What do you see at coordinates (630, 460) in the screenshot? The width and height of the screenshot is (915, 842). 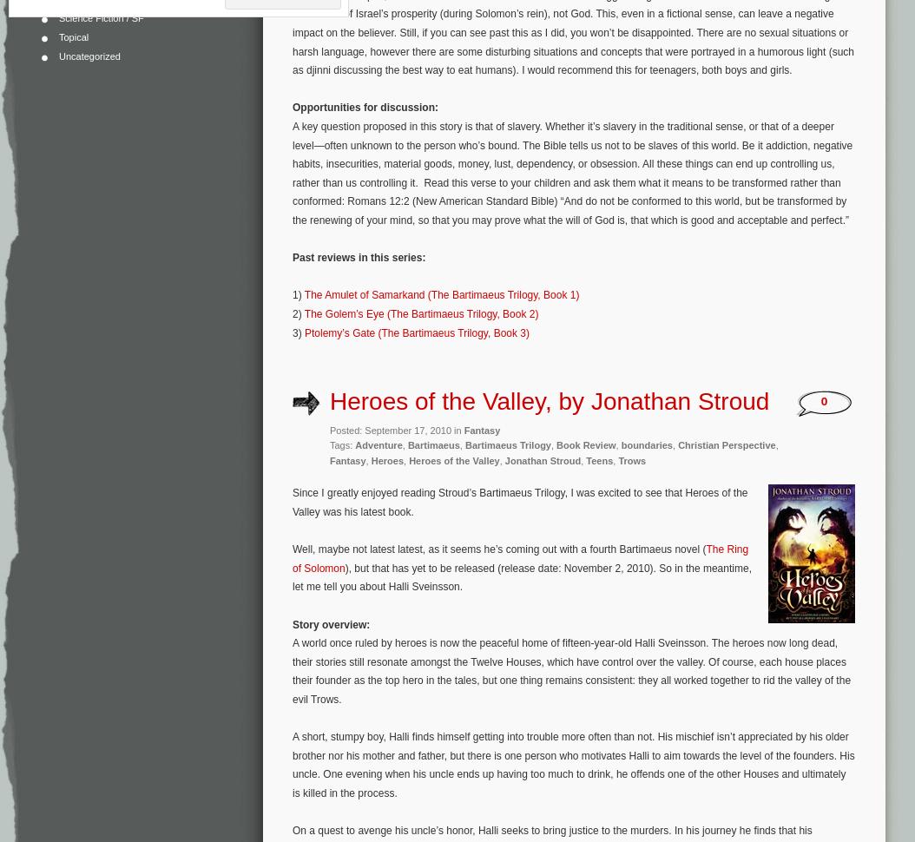 I see `'Trows'` at bounding box center [630, 460].